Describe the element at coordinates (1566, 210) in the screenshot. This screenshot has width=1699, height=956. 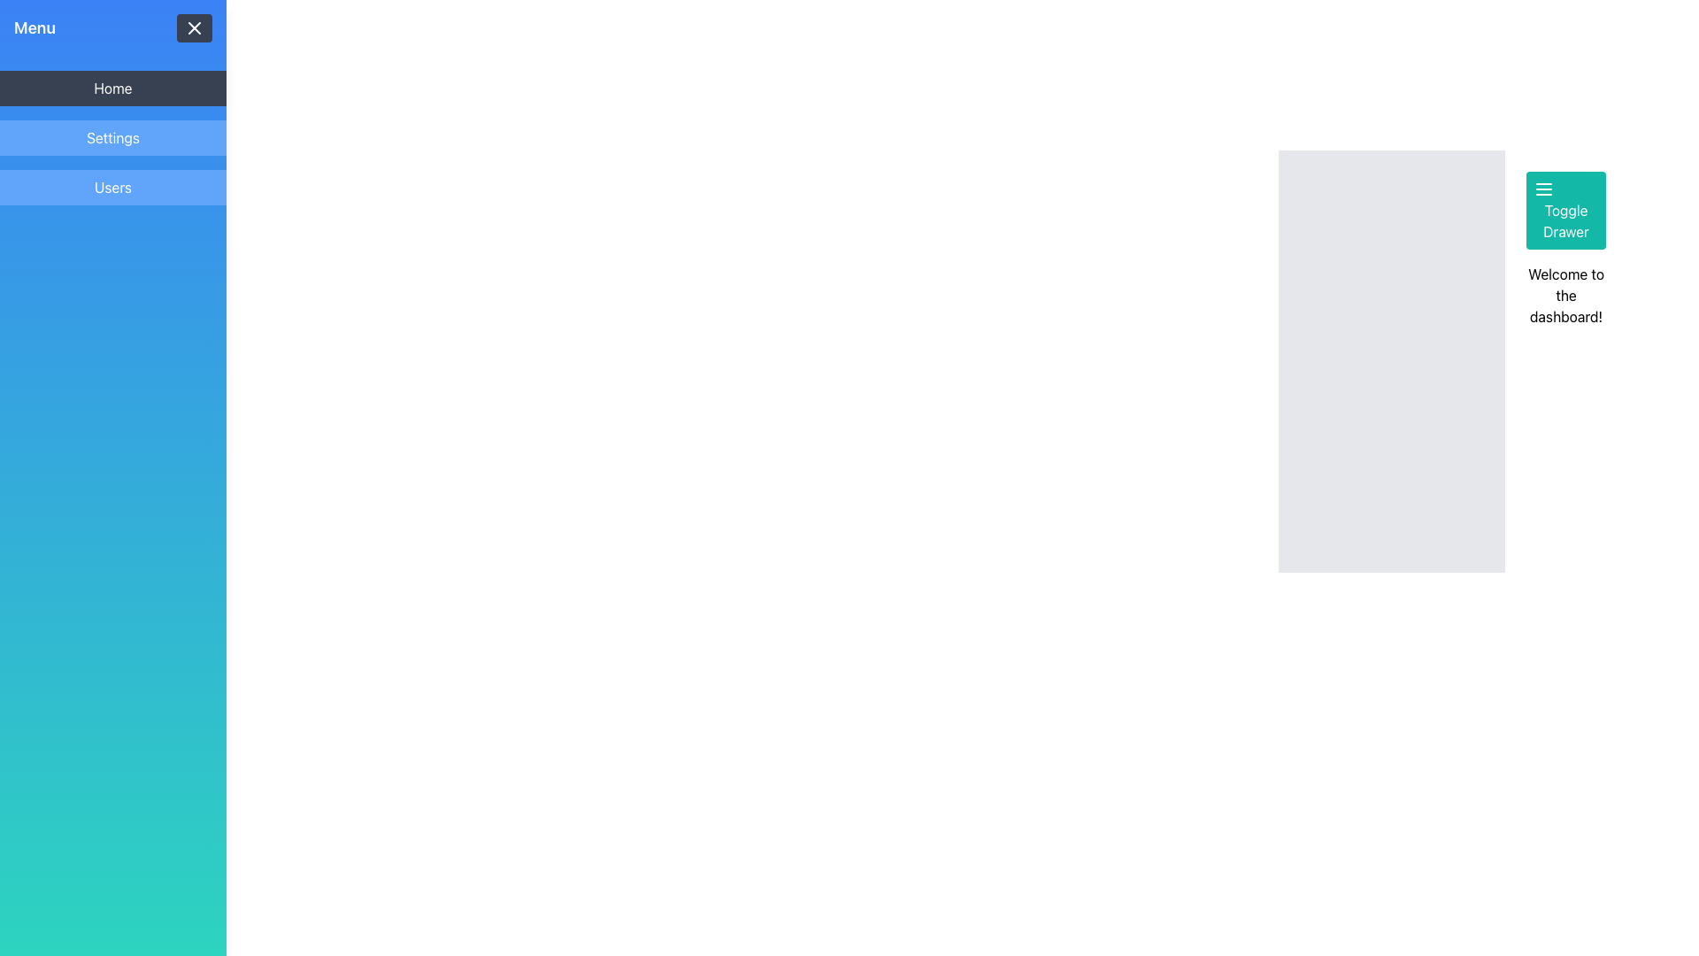
I see `the 'Toggle Drawer' button with a teal background and white text for accessibility navigation` at that location.